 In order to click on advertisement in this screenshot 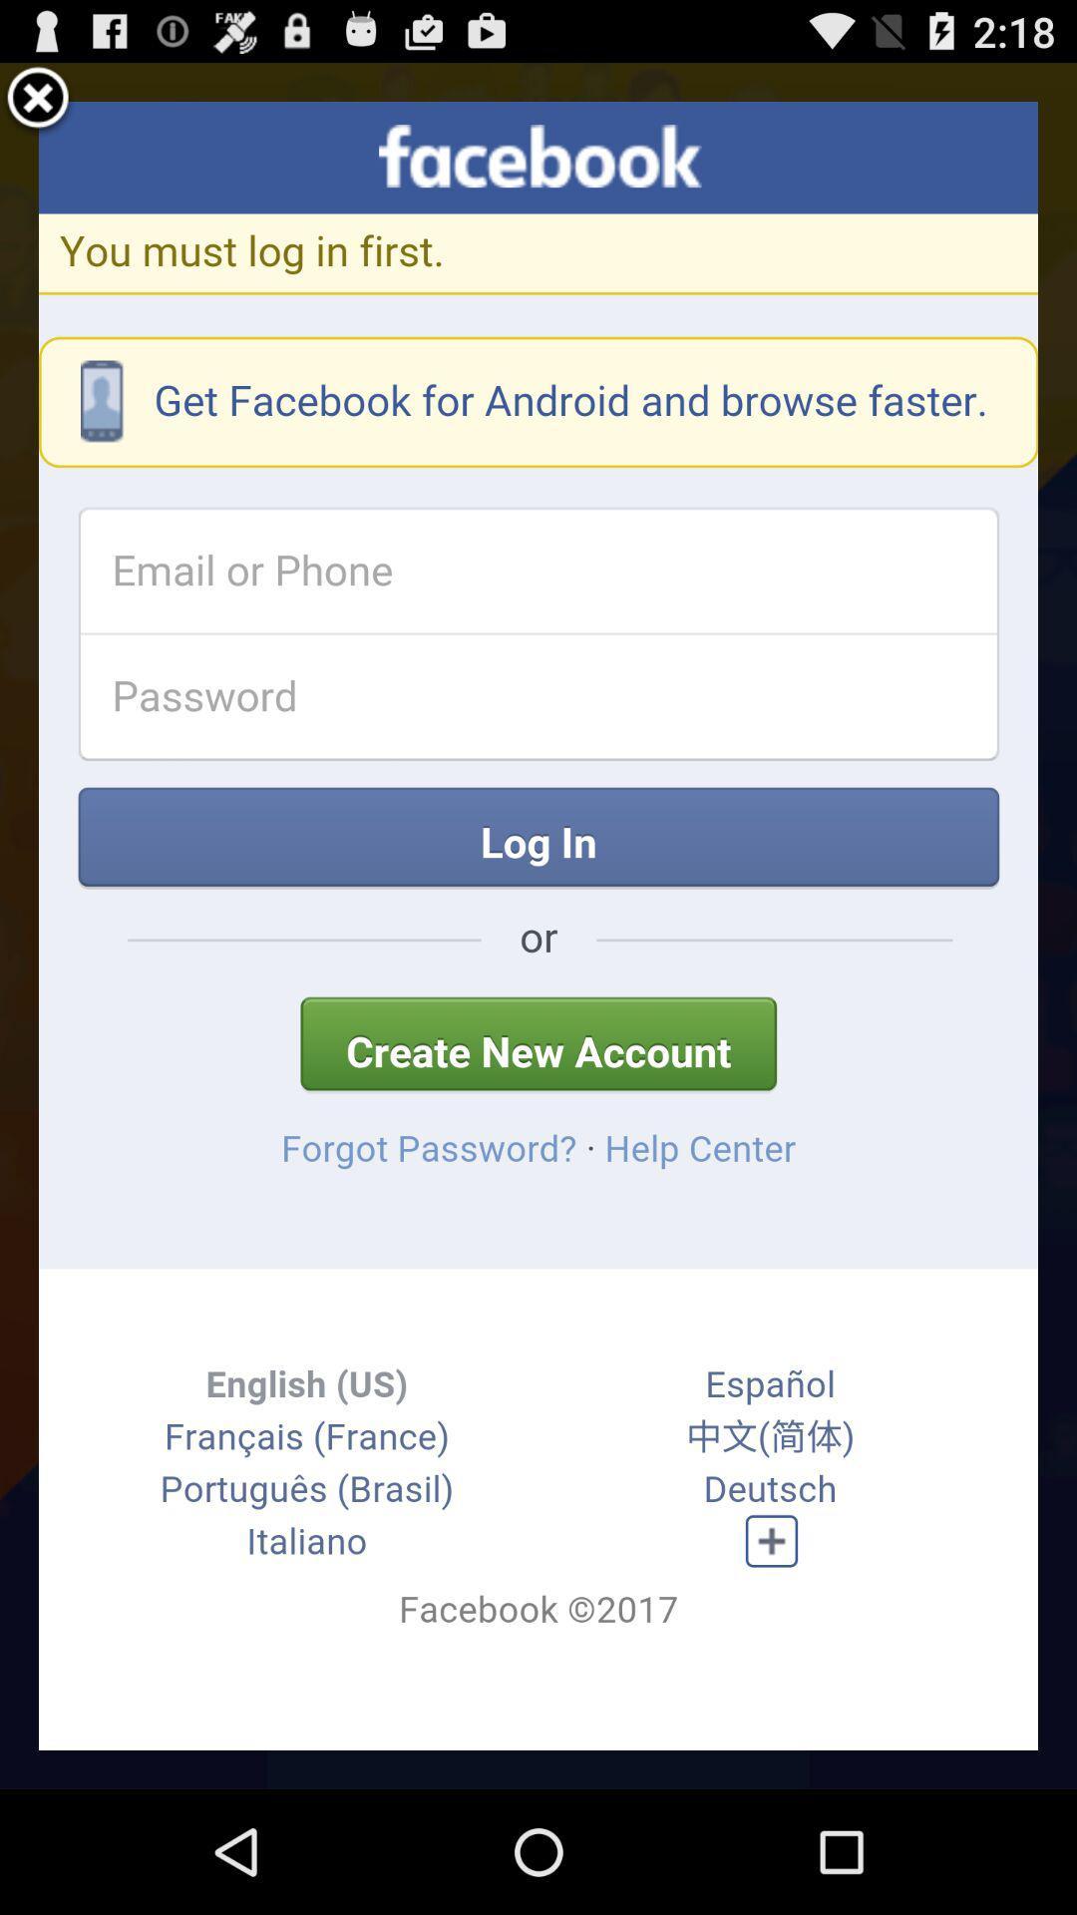, I will do `click(38, 100)`.